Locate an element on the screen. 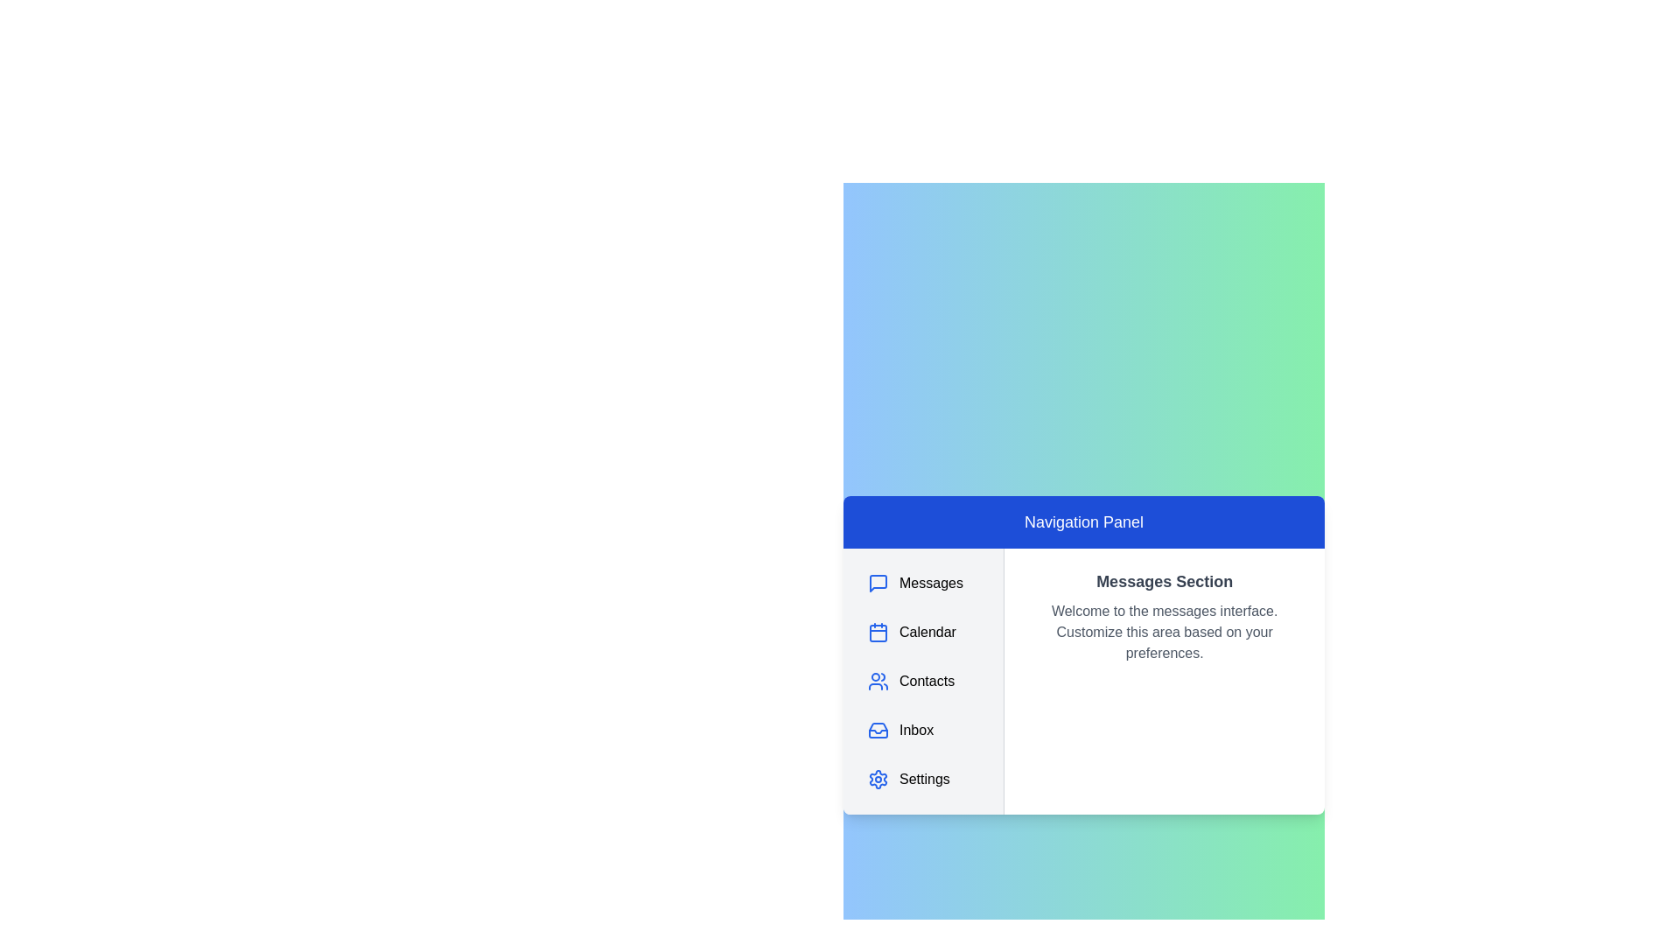 This screenshot has width=1680, height=945. the navigation panel item corresponding to Calendar is located at coordinates (922, 632).